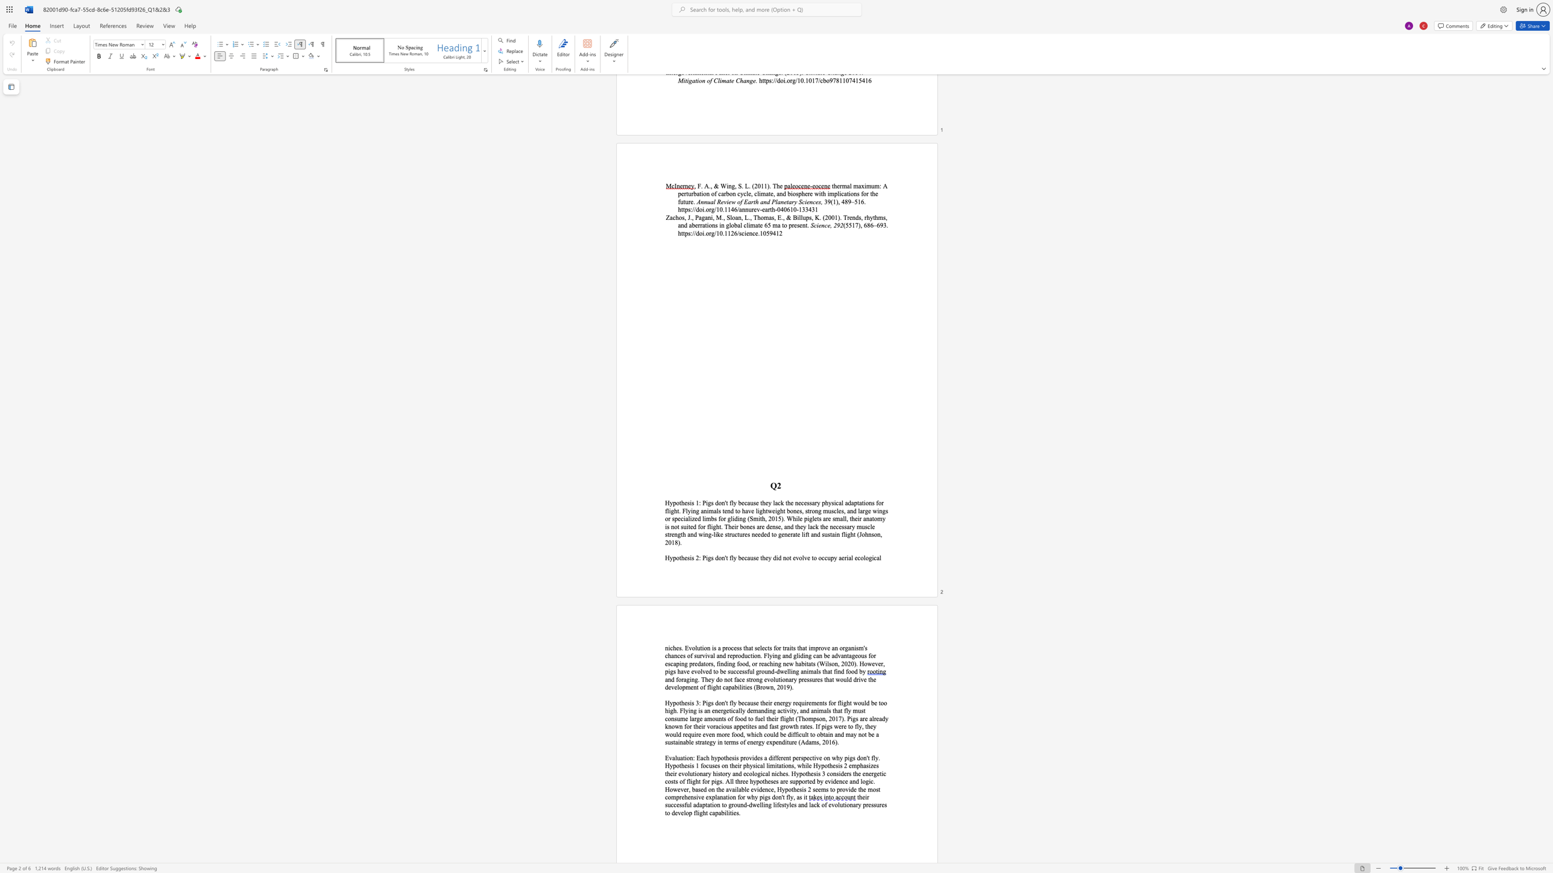 This screenshot has width=1553, height=873. Describe the element at coordinates (673, 757) in the screenshot. I see `the 1th character "a" in the text` at that location.